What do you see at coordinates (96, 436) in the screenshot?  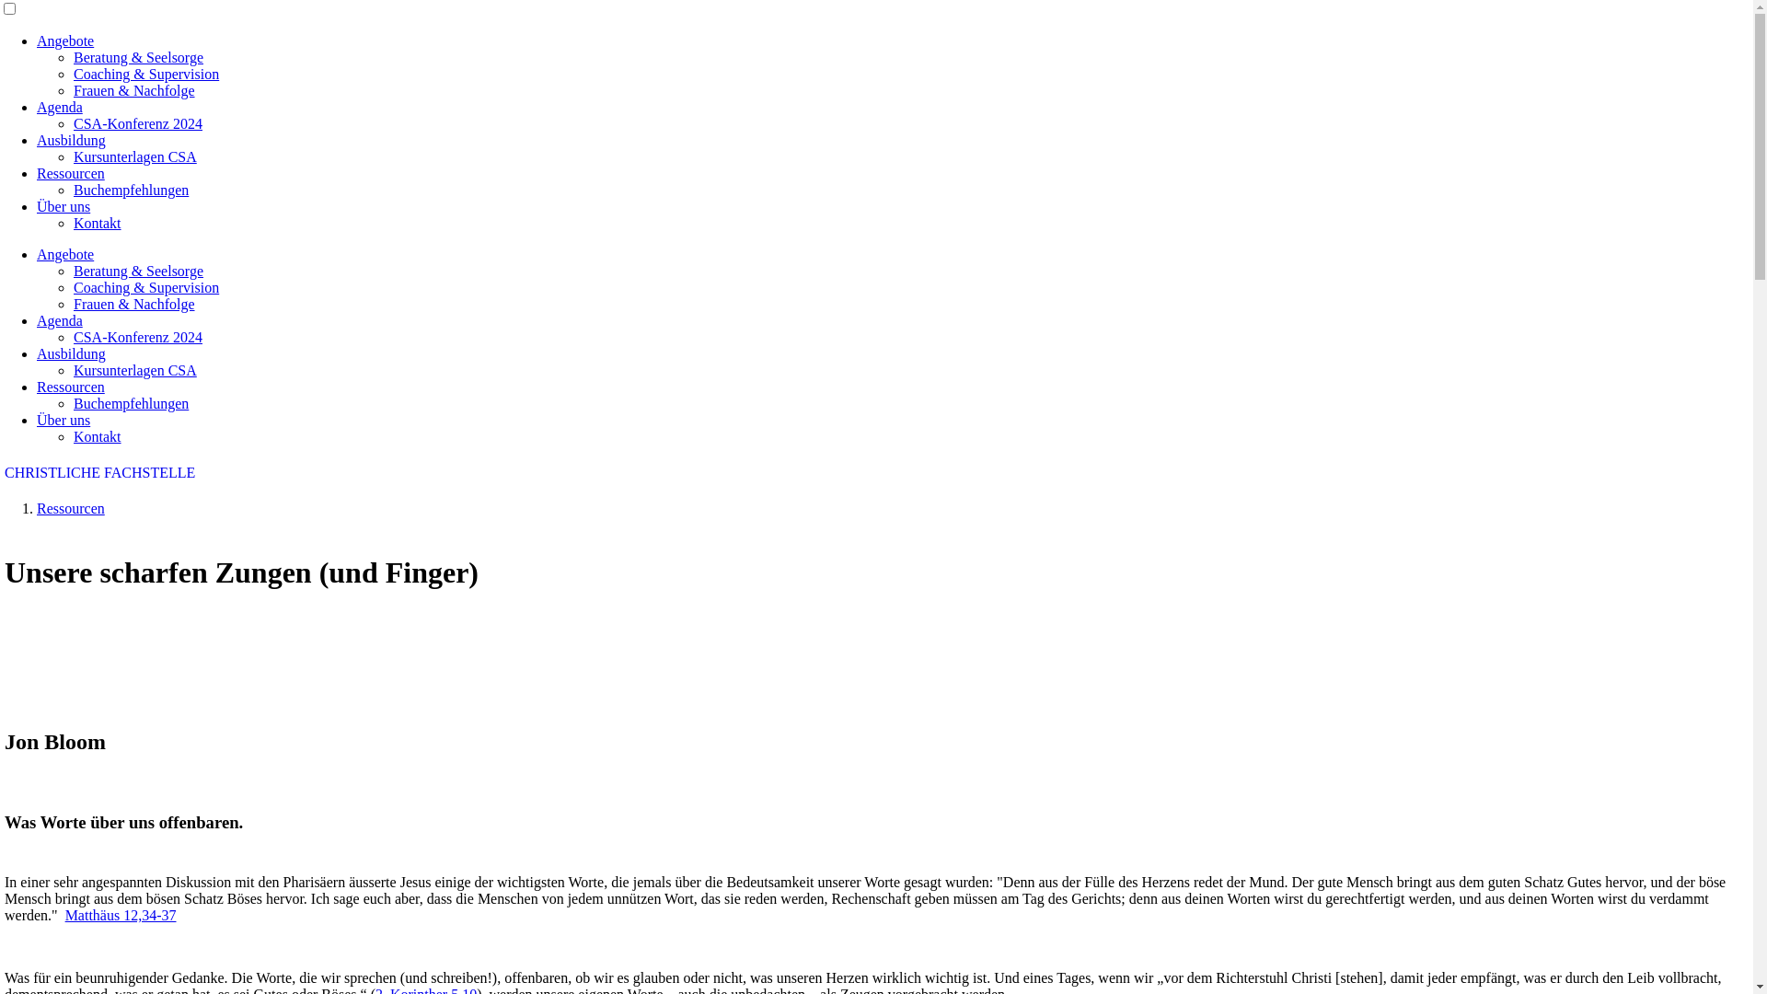 I see `'Kontakt'` at bounding box center [96, 436].